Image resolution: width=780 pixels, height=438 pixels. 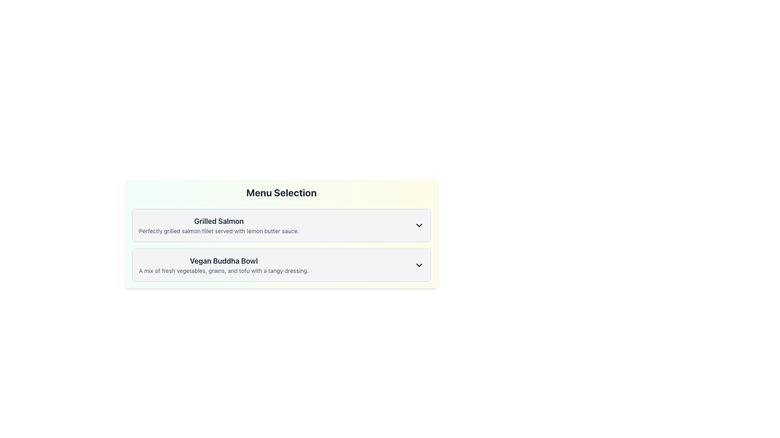 I want to click on the Text Label that provides a description of the 'Grilled Salmon' dish, which is located under the heading 'Grilled Salmon.', so click(x=219, y=231).